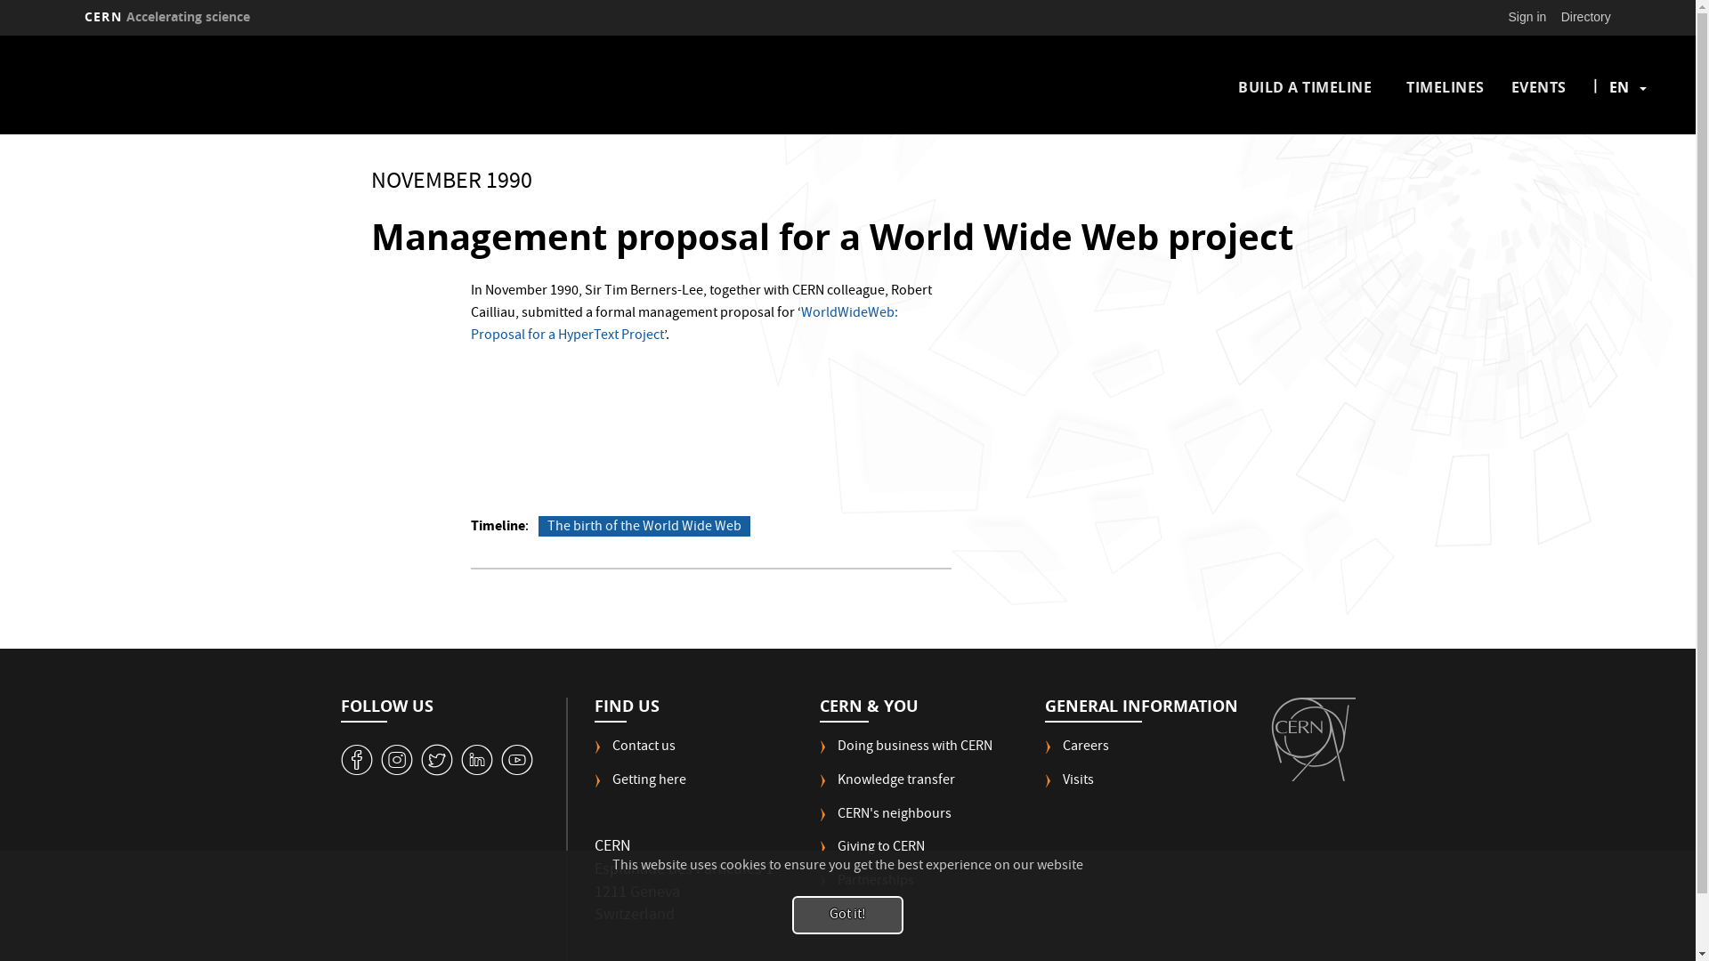 The width and height of the screenshot is (1709, 961). I want to click on 'Giving to CERN', so click(871, 853).